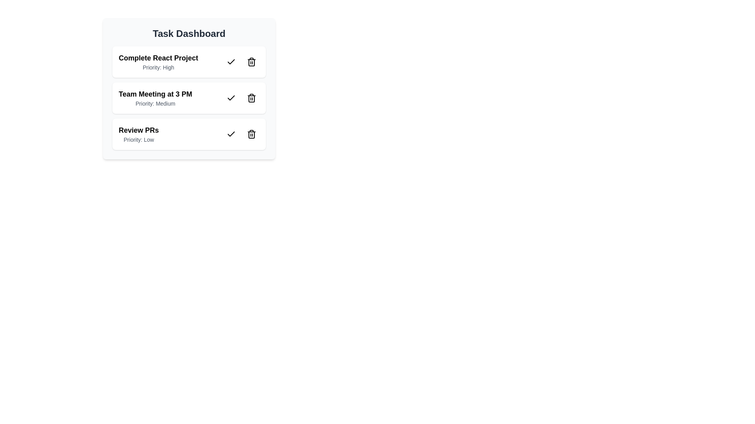  Describe the element at coordinates (251, 62) in the screenshot. I see `the trash icon for the task titled 'Complete React Project' to remove it` at that location.